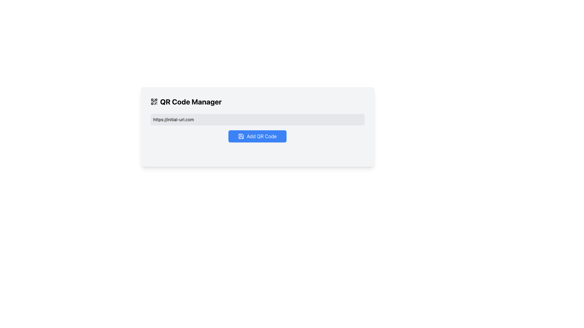 The image size is (584, 328). Describe the element at coordinates (241, 136) in the screenshot. I see `the Save icon within the blue button labeled 'Add QR Code'` at that location.